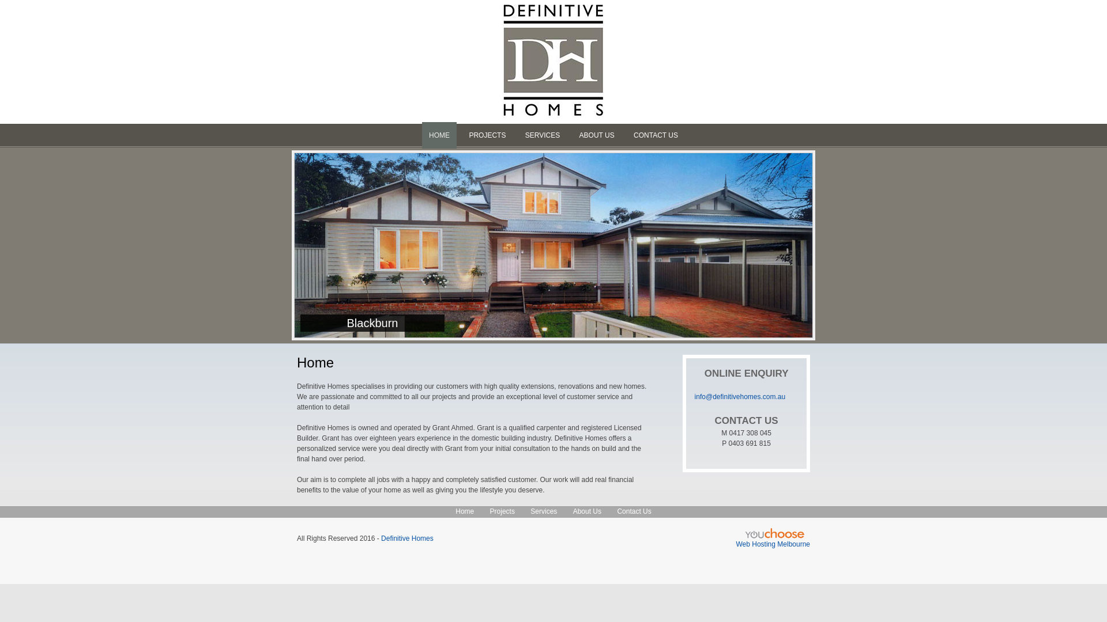 The width and height of the screenshot is (1107, 622). I want to click on 'Web Hosting Melbourne', so click(773, 544).